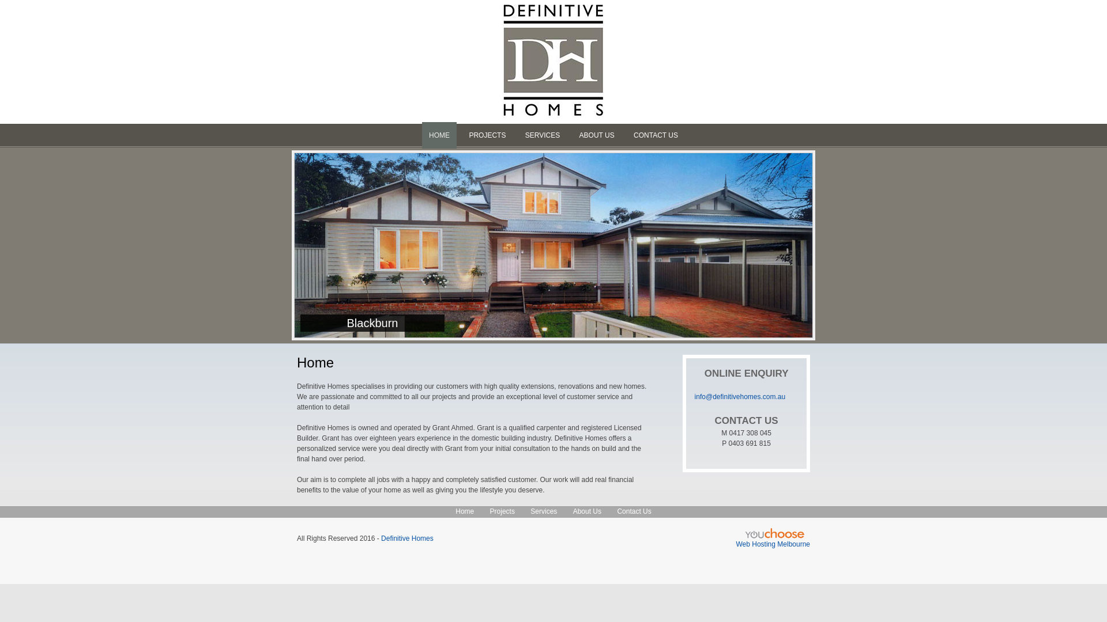 The width and height of the screenshot is (1107, 622). I want to click on 'Web Hosting Melbourne', so click(773, 544).